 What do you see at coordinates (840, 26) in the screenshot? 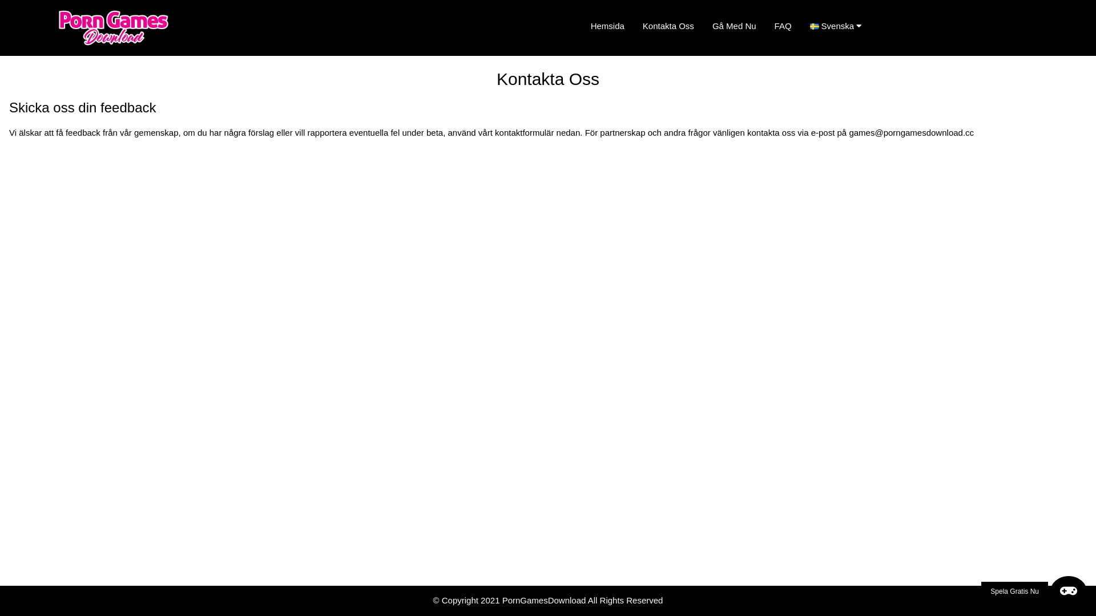
I see `'Svenska'` at bounding box center [840, 26].